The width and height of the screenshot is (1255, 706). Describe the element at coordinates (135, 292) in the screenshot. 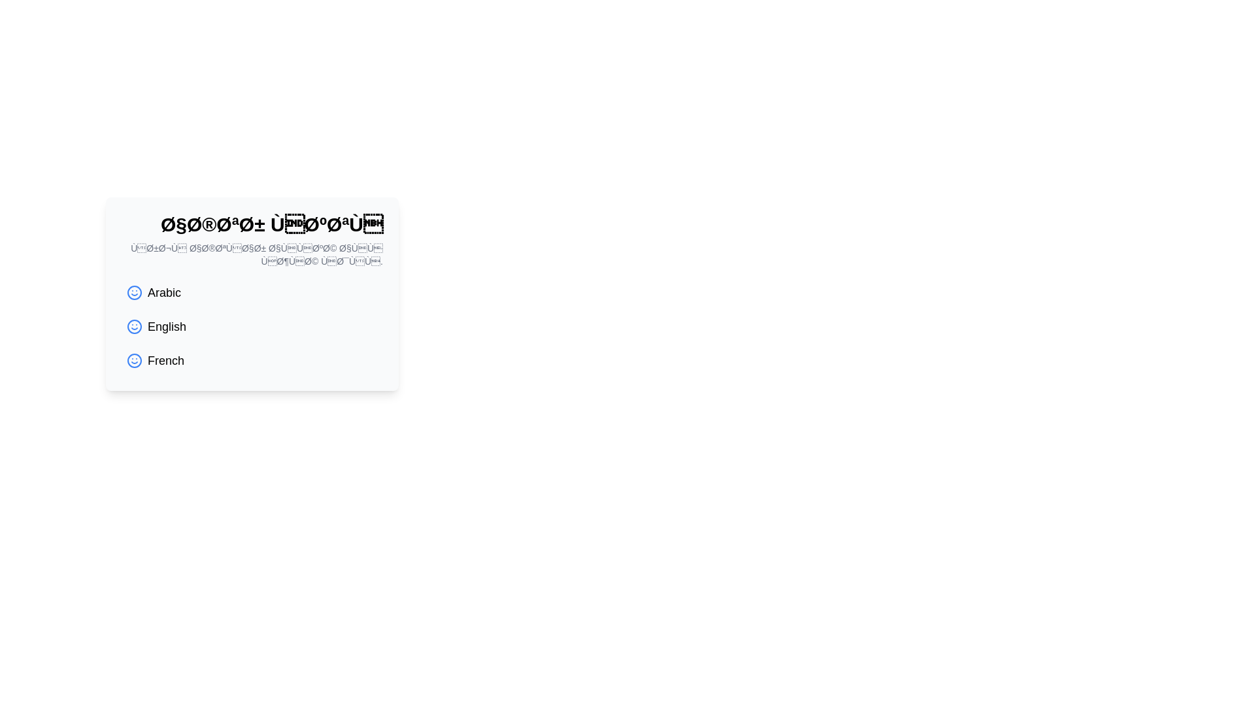

I see `the circular smiley face icon with a blue outline, positioned to the left of the text 'Arabic'` at that location.